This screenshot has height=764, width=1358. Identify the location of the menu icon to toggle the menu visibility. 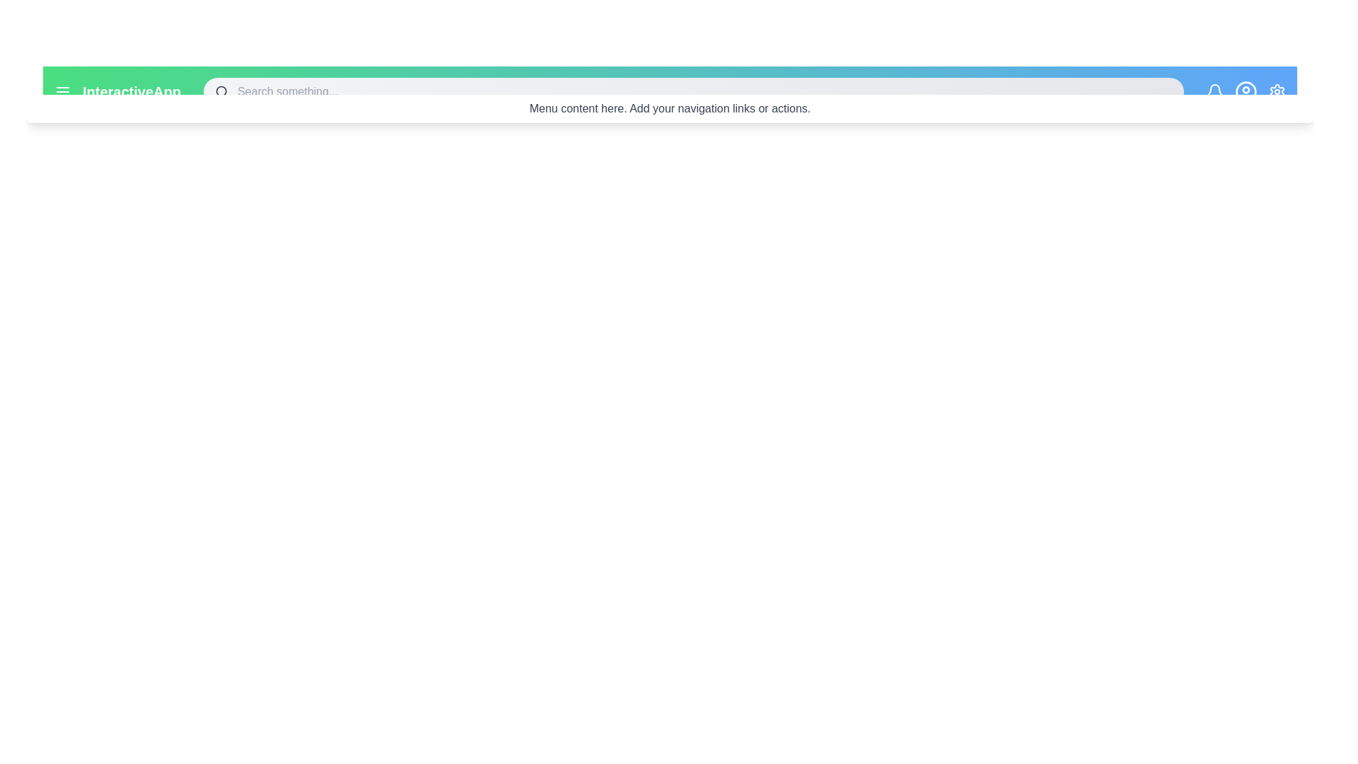
(62, 92).